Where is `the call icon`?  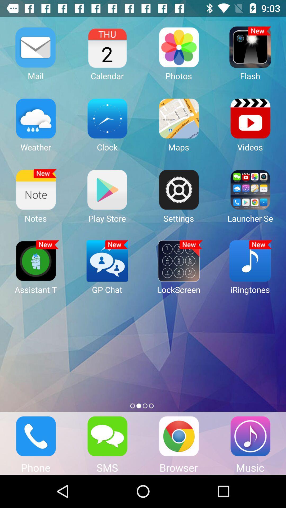 the call icon is located at coordinates (36, 436).